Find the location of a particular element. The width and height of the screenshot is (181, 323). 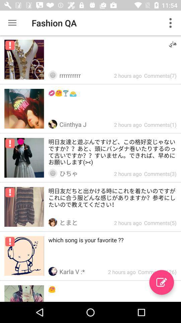

a post is located at coordinates (161, 282).